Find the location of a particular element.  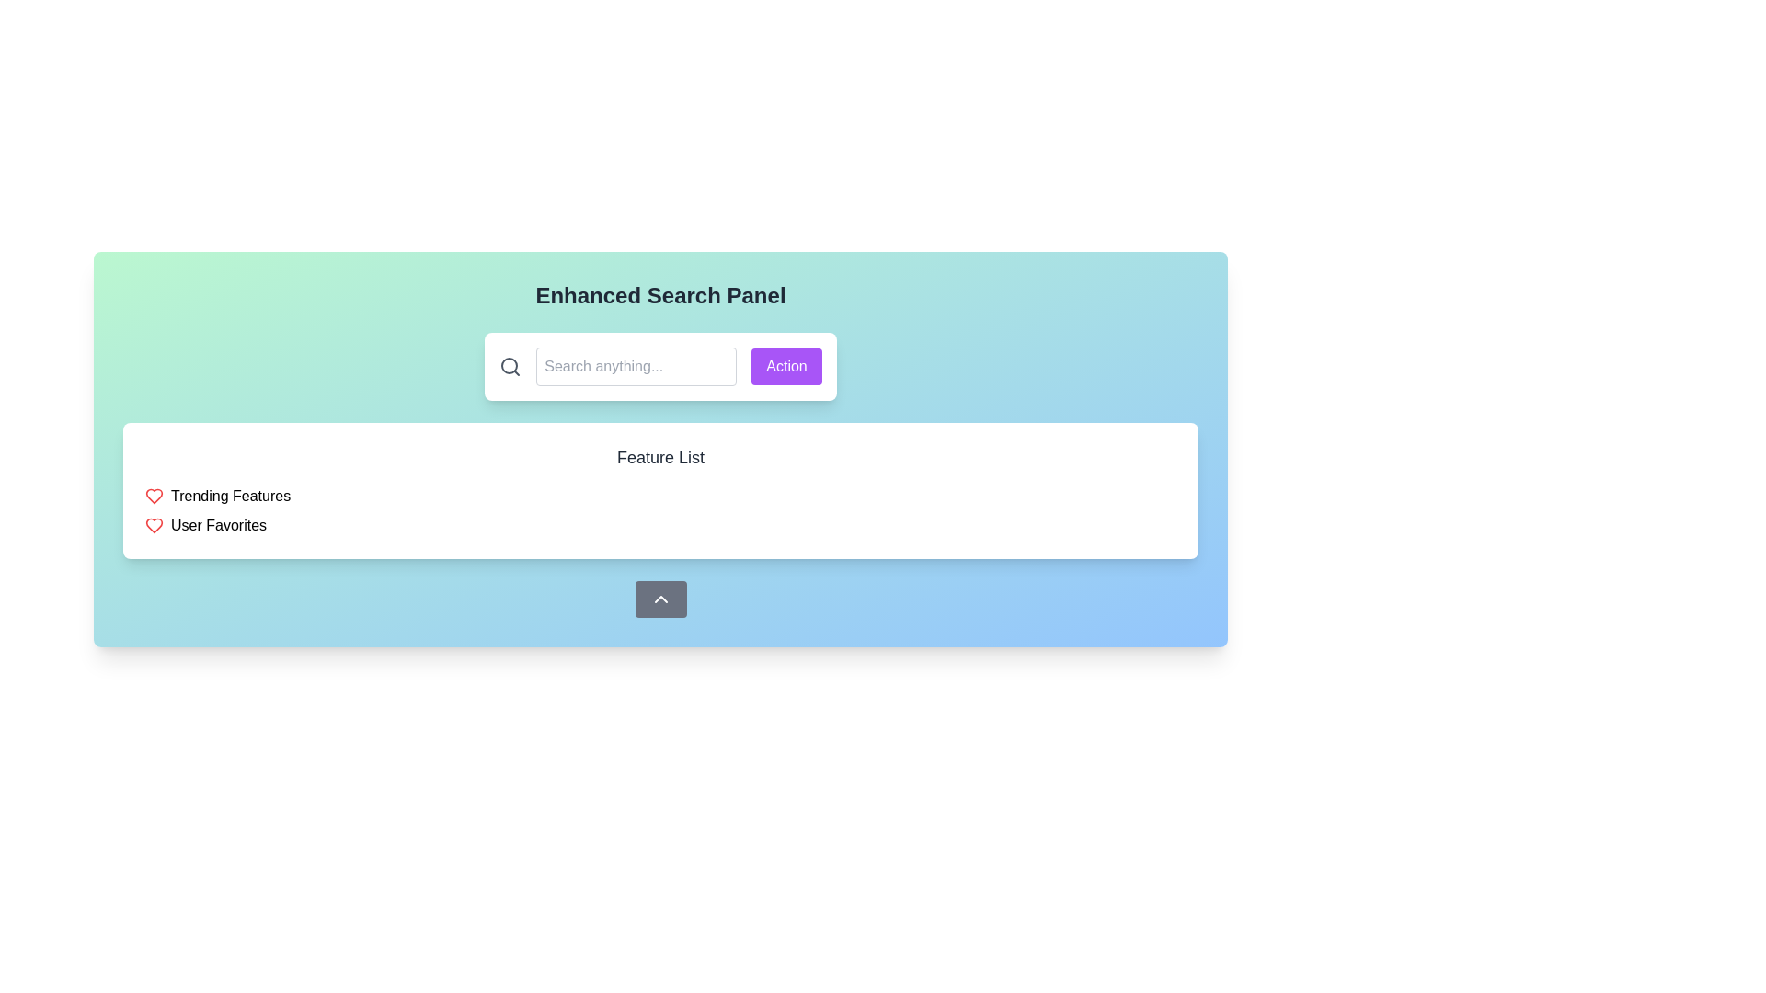

the chevron icon embedded within the button beneath the 'Feature List' section is located at coordinates (660, 599).